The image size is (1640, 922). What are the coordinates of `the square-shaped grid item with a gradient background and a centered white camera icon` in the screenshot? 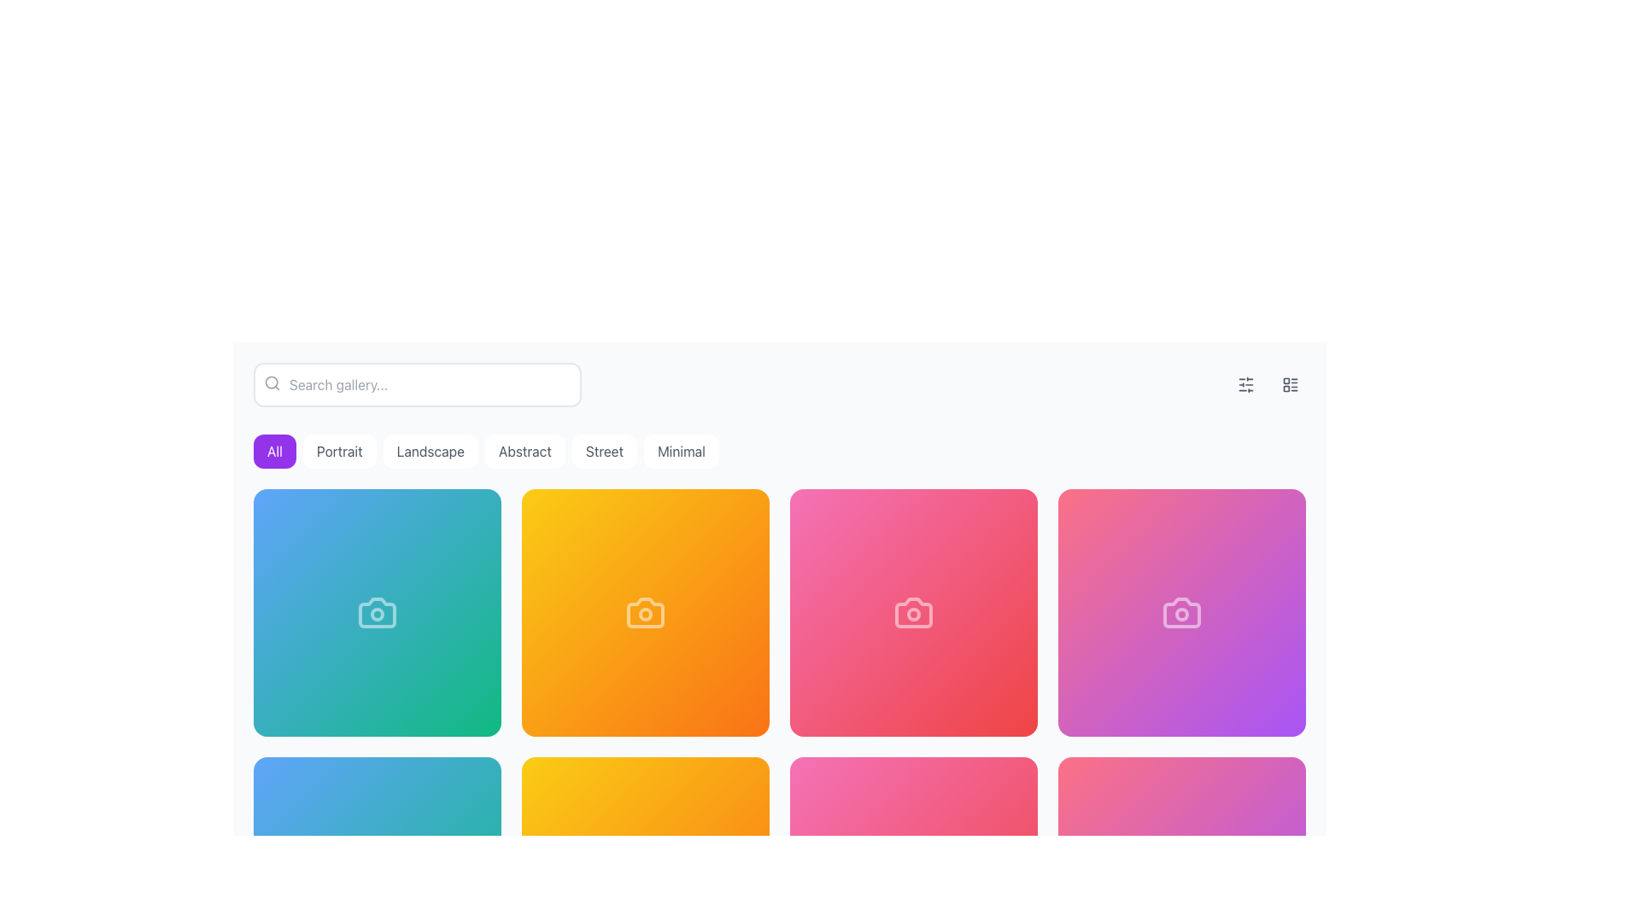 It's located at (376, 611).